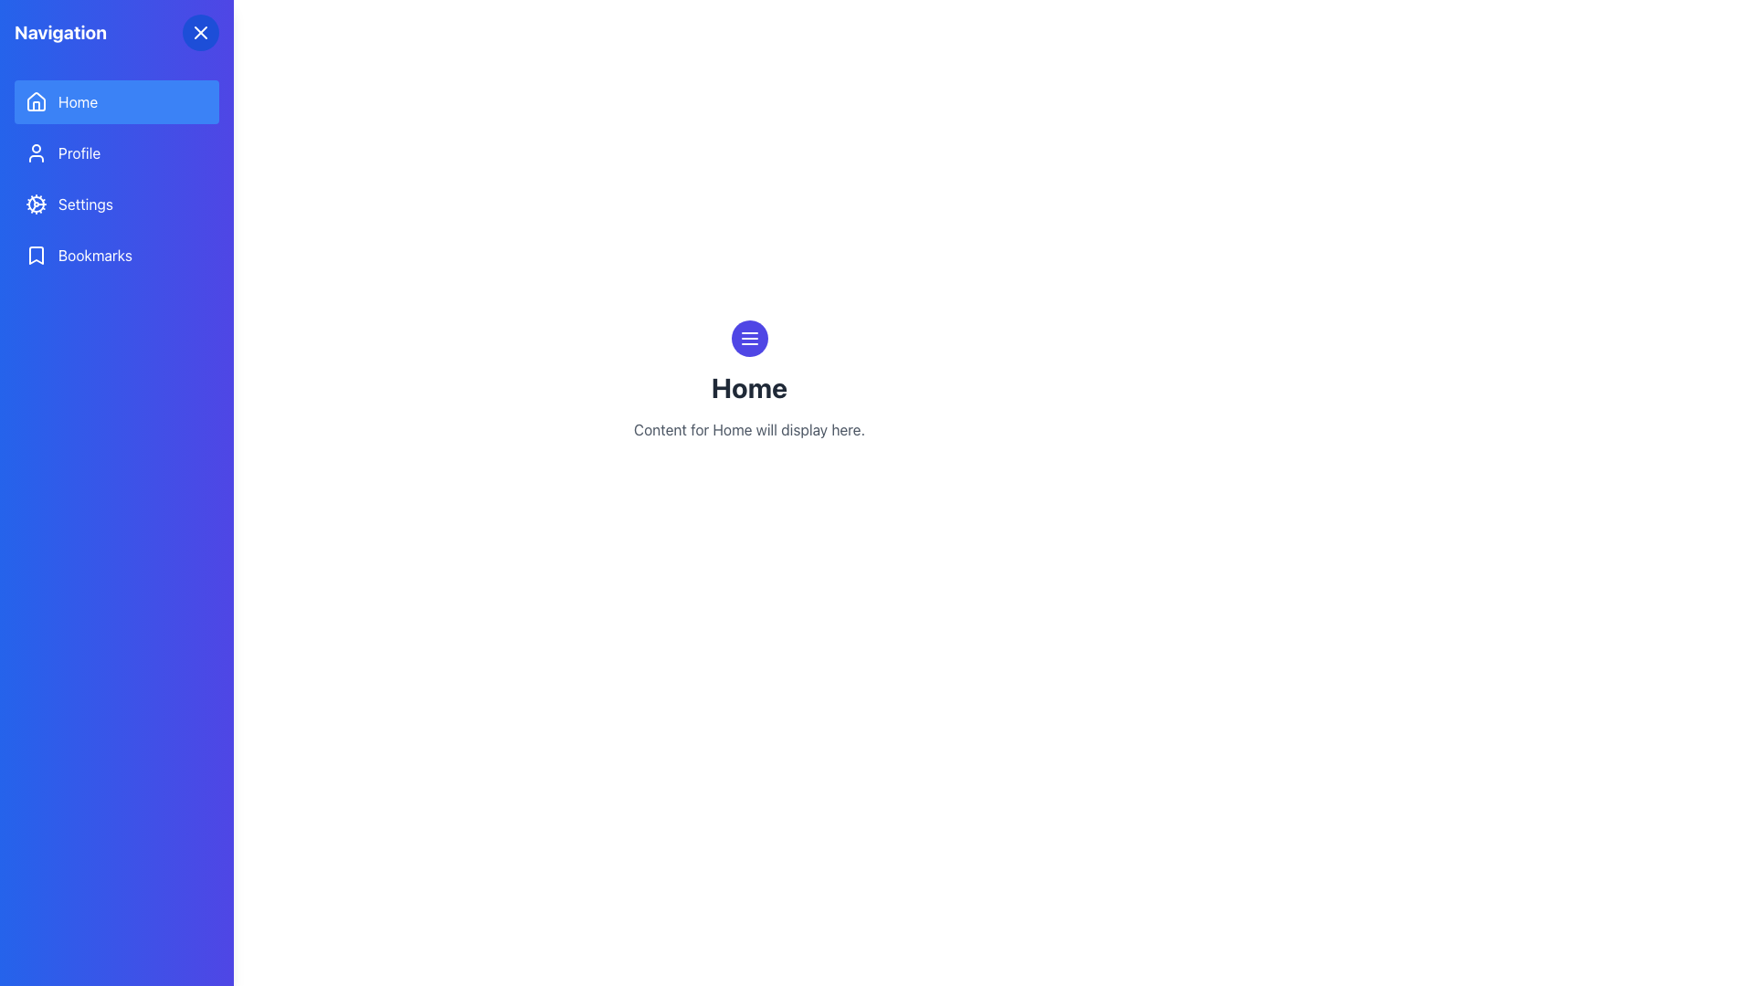 The height and width of the screenshot is (986, 1754). What do you see at coordinates (60, 32) in the screenshot?
I see `the bold text label 'Navigation' located in the upper-left corner of the sidebar area, styled with a text-xl font and a white color on a blue gradient backdrop` at bounding box center [60, 32].